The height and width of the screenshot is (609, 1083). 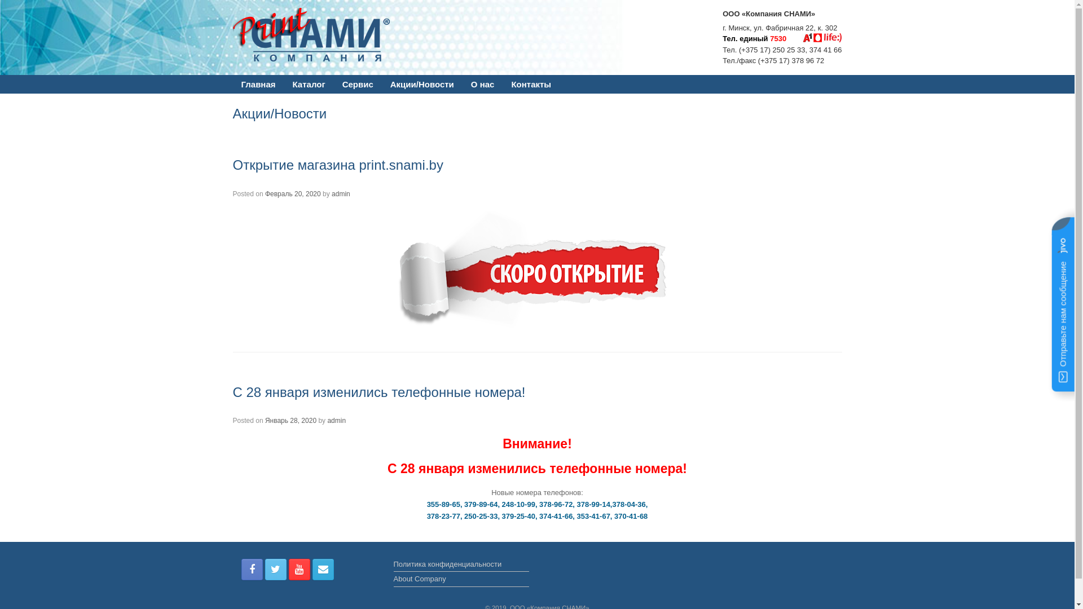 What do you see at coordinates (322, 570) in the screenshot?
I see `'Print Snami Email'` at bounding box center [322, 570].